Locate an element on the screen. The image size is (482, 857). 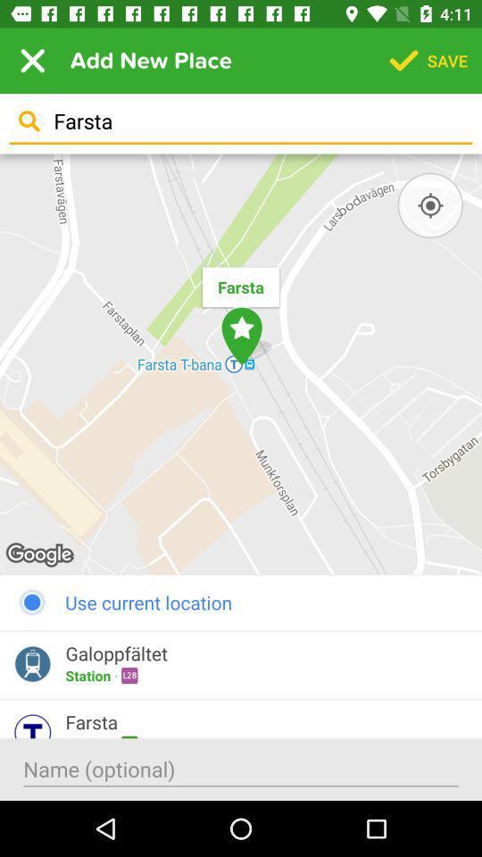
write name input field is located at coordinates (241, 769).